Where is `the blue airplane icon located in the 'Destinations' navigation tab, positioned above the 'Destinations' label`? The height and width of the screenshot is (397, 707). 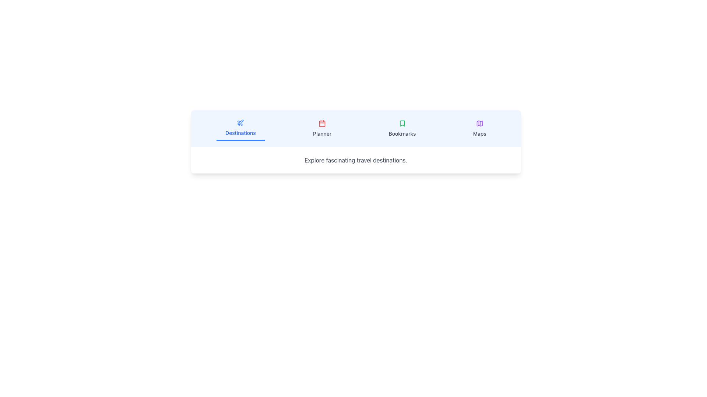
the blue airplane icon located in the 'Destinations' navigation tab, positioned above the 'Destinations' label is located at coordinates (240, 122).